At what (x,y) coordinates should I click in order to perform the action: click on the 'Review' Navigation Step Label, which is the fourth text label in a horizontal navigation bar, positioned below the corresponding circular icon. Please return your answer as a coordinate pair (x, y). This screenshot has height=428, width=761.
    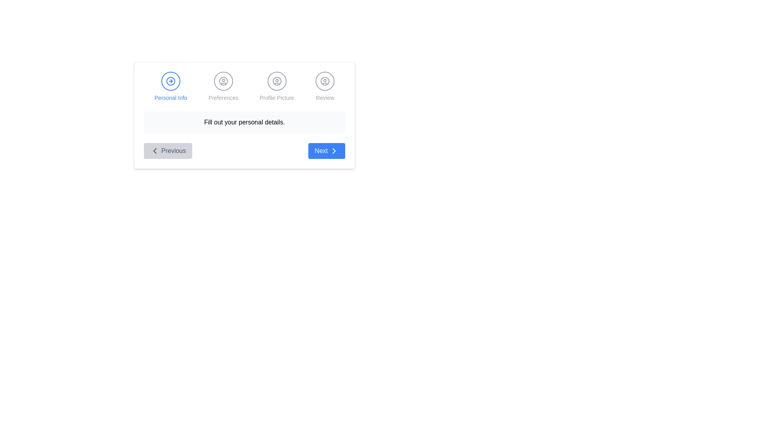
    Looking at the image, I should click on (325, 97).